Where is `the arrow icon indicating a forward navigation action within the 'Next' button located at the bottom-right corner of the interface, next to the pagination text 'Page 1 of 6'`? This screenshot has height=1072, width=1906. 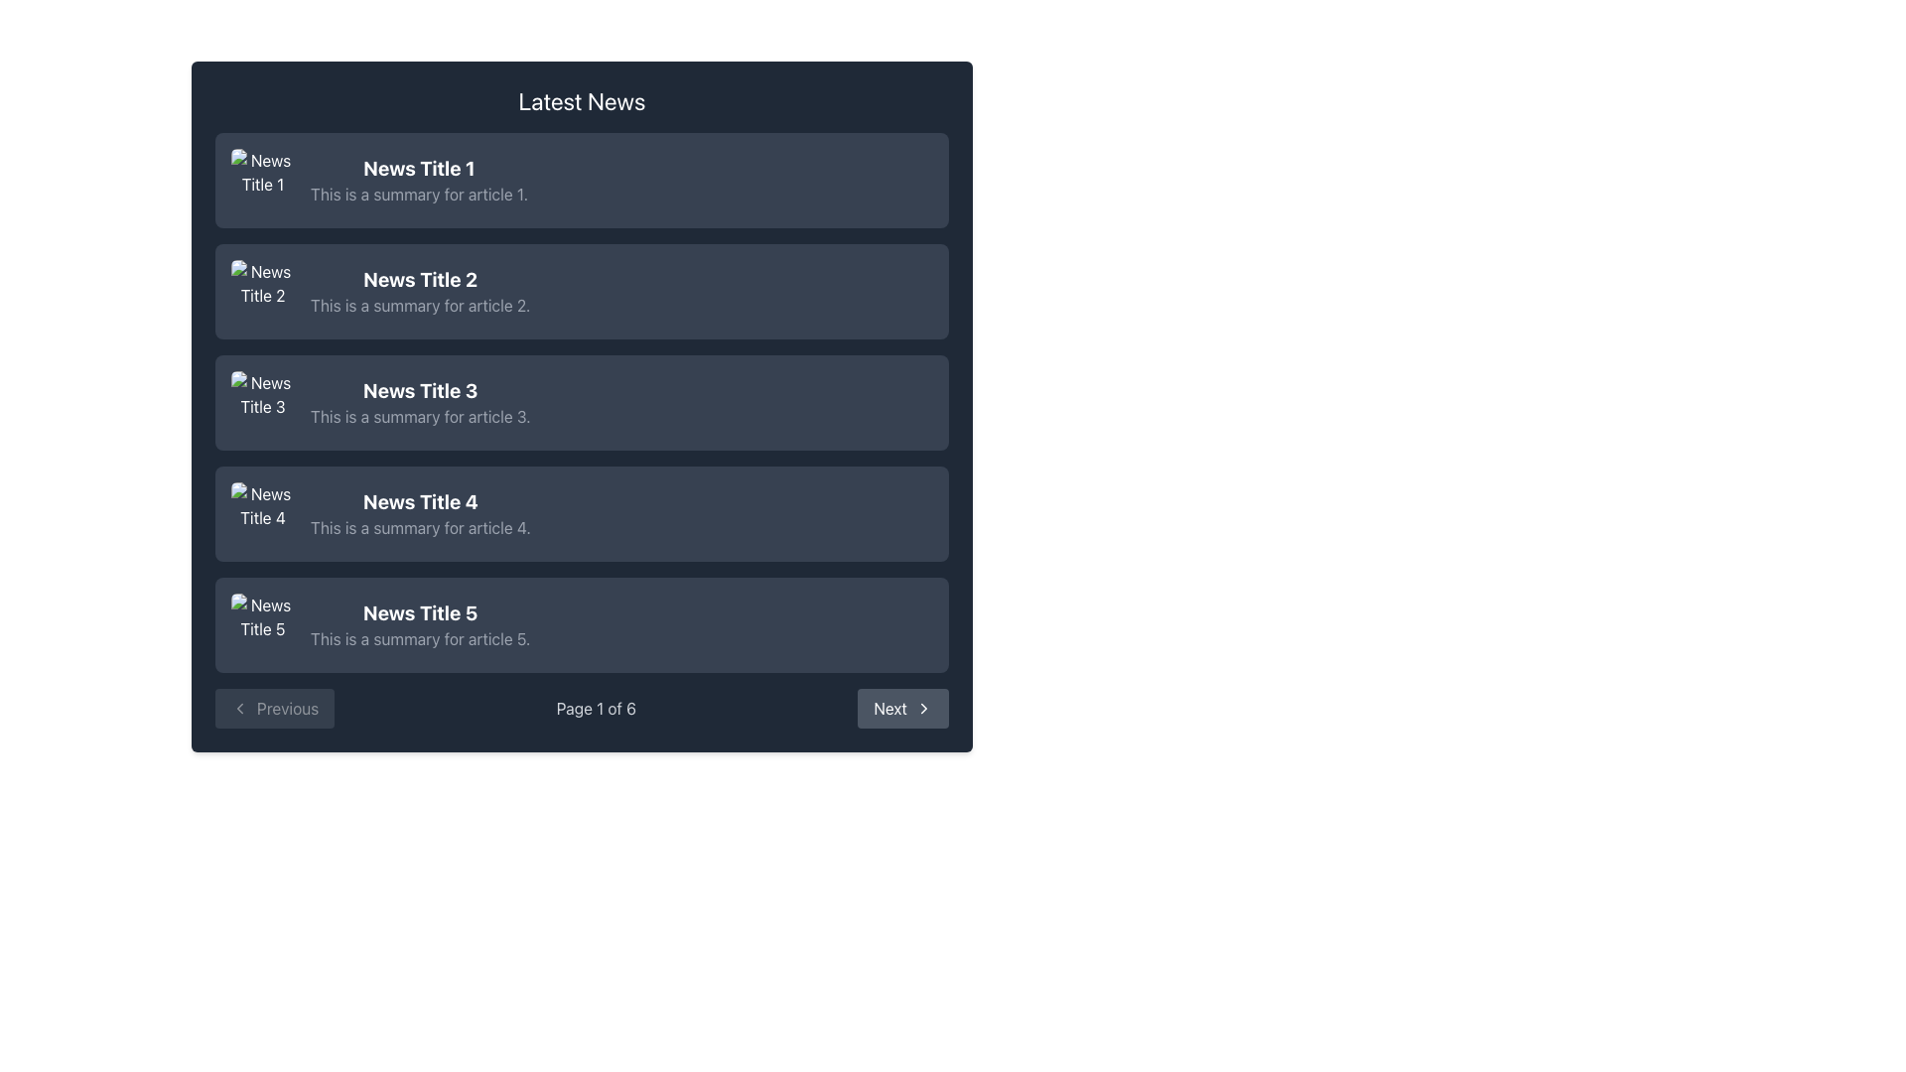 the arrow icon indicating a forward navigation action within the 'Next' button located at the bottom-right corner of the interface, next to the pagination text 'Page 1 of 6' is located at coordinates (923, 707).